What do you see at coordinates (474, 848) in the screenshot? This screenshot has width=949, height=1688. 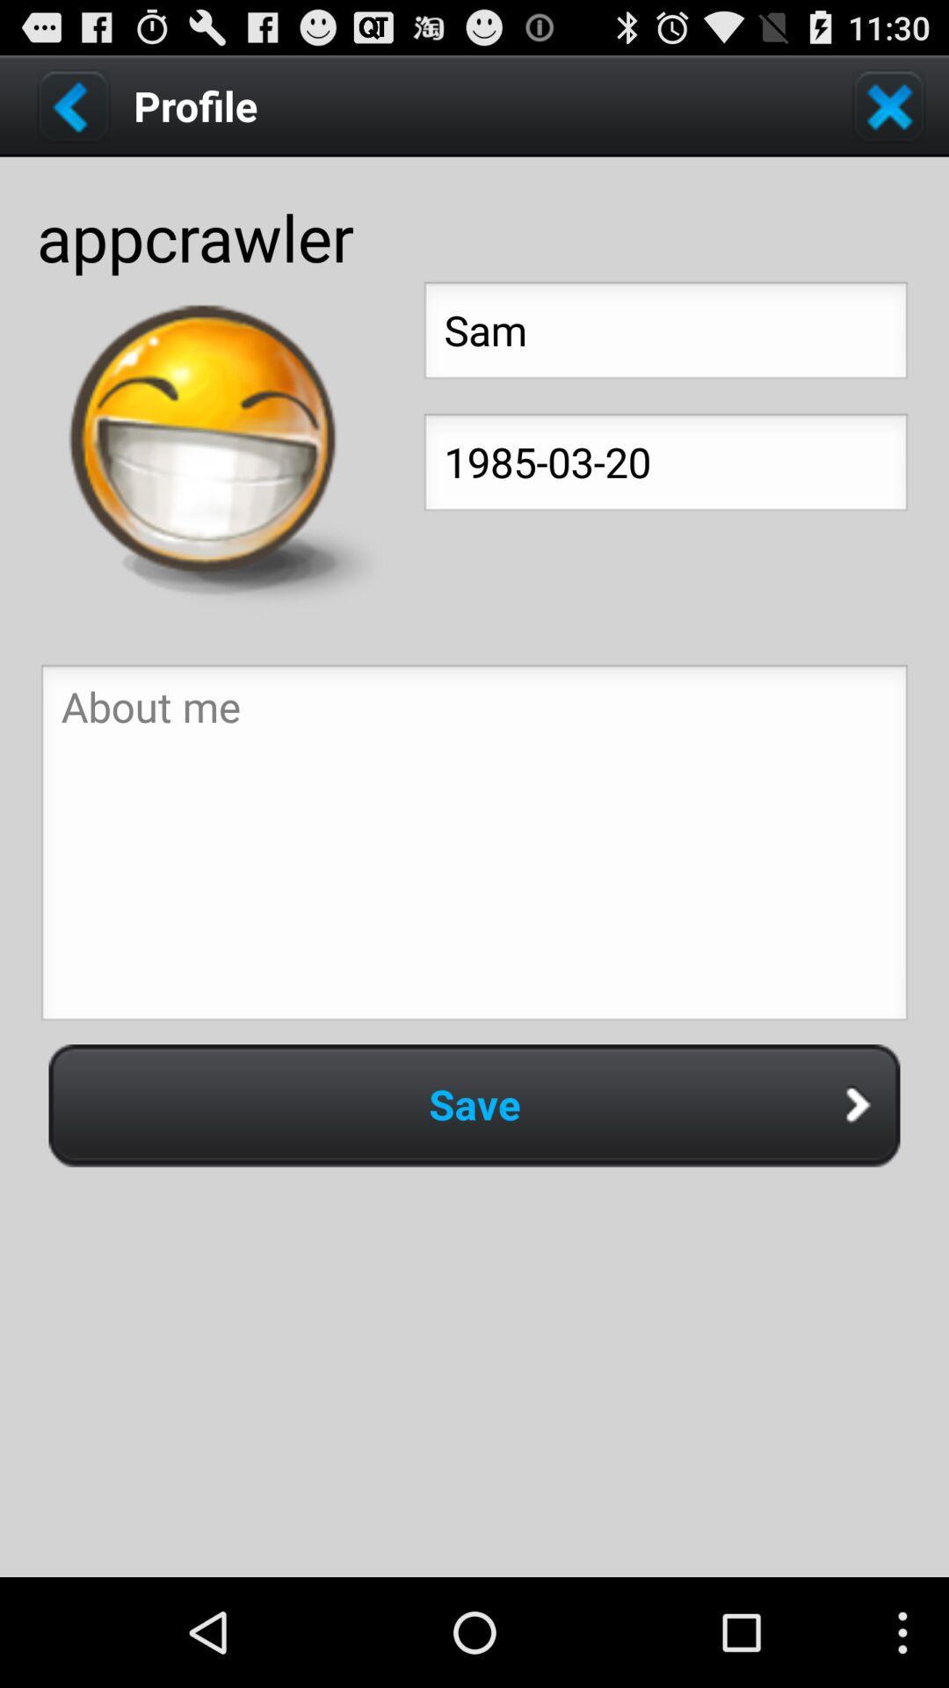 I see `open field for about me` at bounding box center [474, 848].